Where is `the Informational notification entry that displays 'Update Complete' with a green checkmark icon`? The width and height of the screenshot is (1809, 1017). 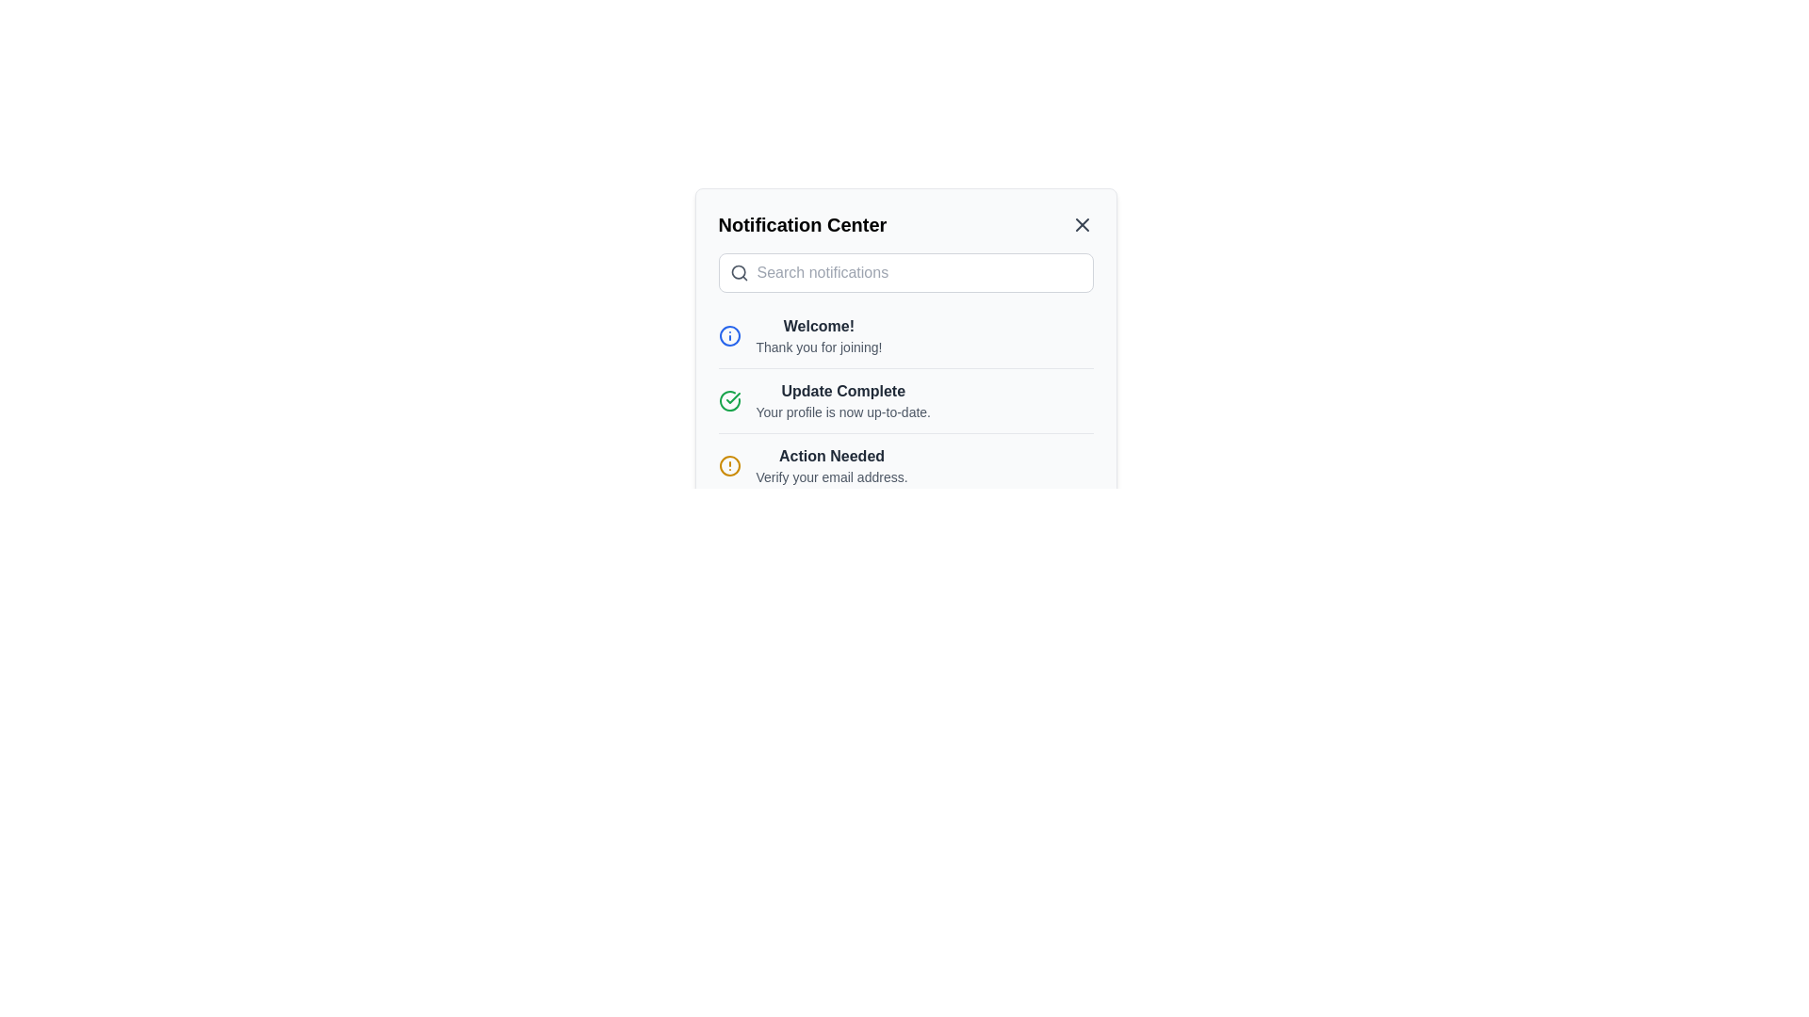 the Informational notification entry that displays 'Update Complete' with a green checkmark icon is located at coordinates (905, 399).